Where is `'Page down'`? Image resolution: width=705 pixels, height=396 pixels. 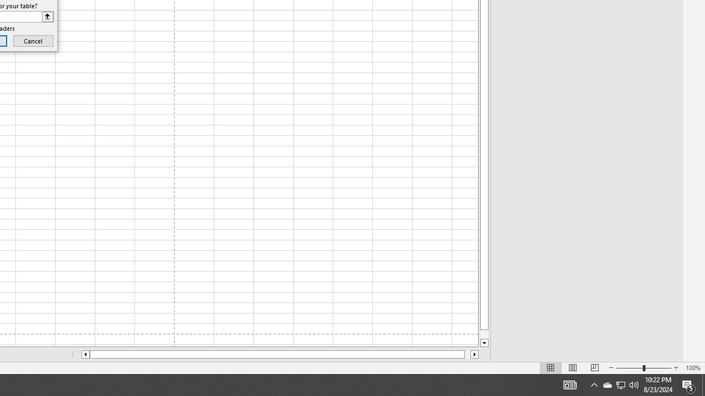
'Page down' is located at coordinates (484, 334).